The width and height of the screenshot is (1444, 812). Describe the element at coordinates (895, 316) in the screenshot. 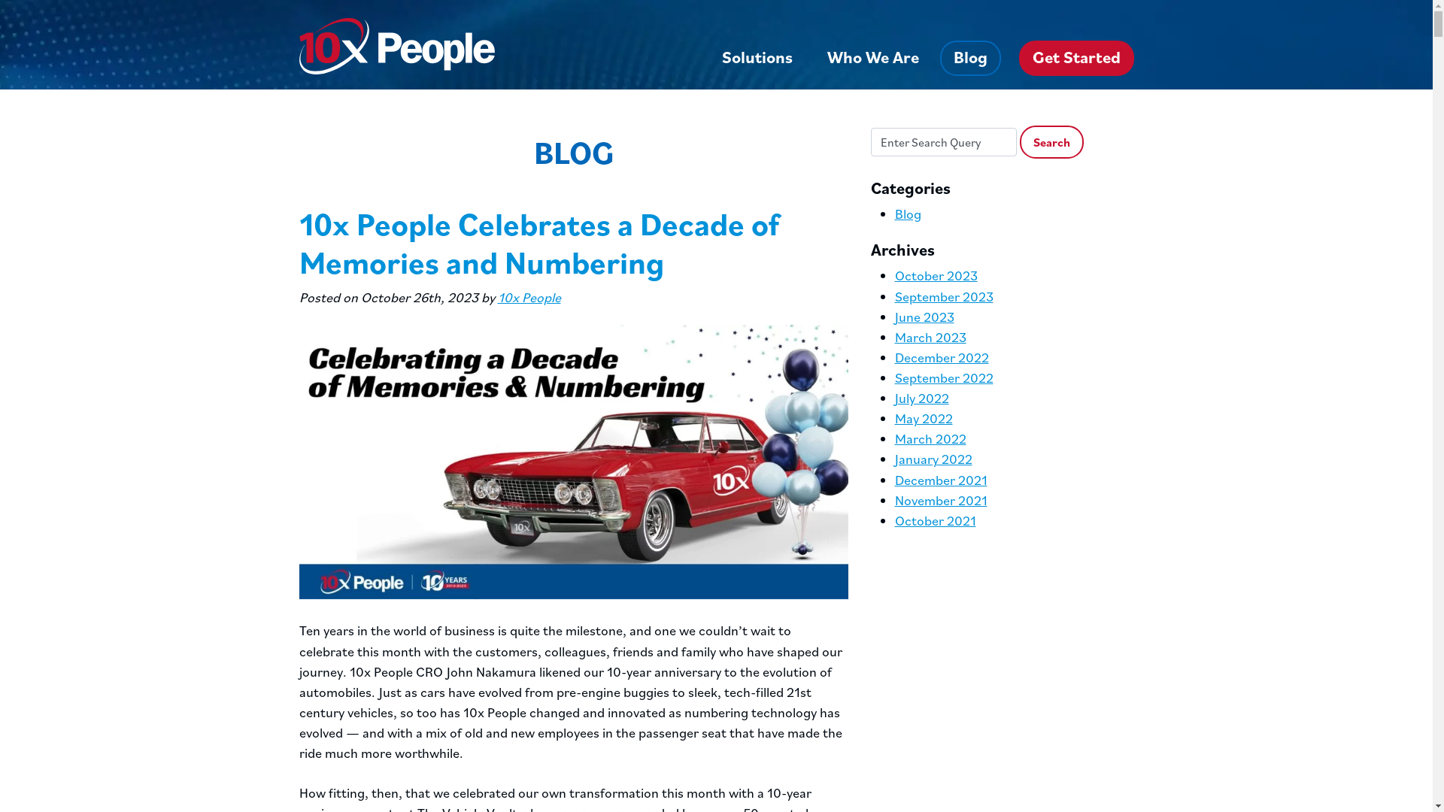

I see `'June 2023'` at that location.